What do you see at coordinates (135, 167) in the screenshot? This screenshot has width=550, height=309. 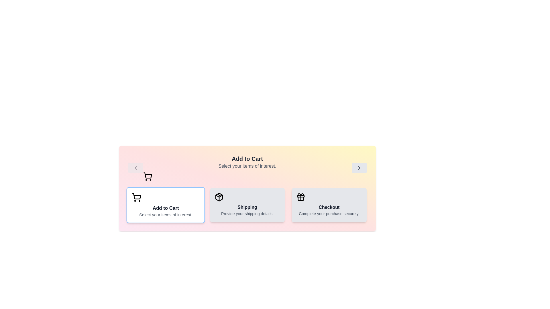 I see `the left-arrow icon button in the top-left corner of the navigational interface` at bounding box center [135, 167].